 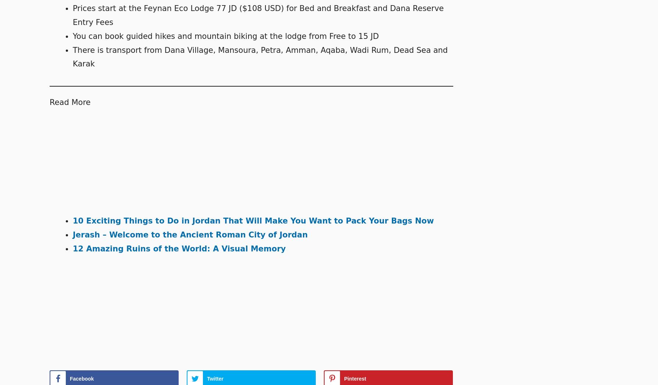 What do you see at coordinates (225, 35) in the screenshot?
I see `'You can book guided hikes and mountain biking at the lodge from Free to 15 JD'` at bounding box center [225, 35].